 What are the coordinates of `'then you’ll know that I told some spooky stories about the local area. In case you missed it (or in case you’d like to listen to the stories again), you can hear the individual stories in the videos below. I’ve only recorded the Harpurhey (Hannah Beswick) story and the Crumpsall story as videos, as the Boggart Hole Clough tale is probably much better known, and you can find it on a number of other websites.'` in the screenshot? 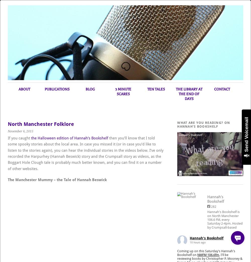 It's located at (85, 153).